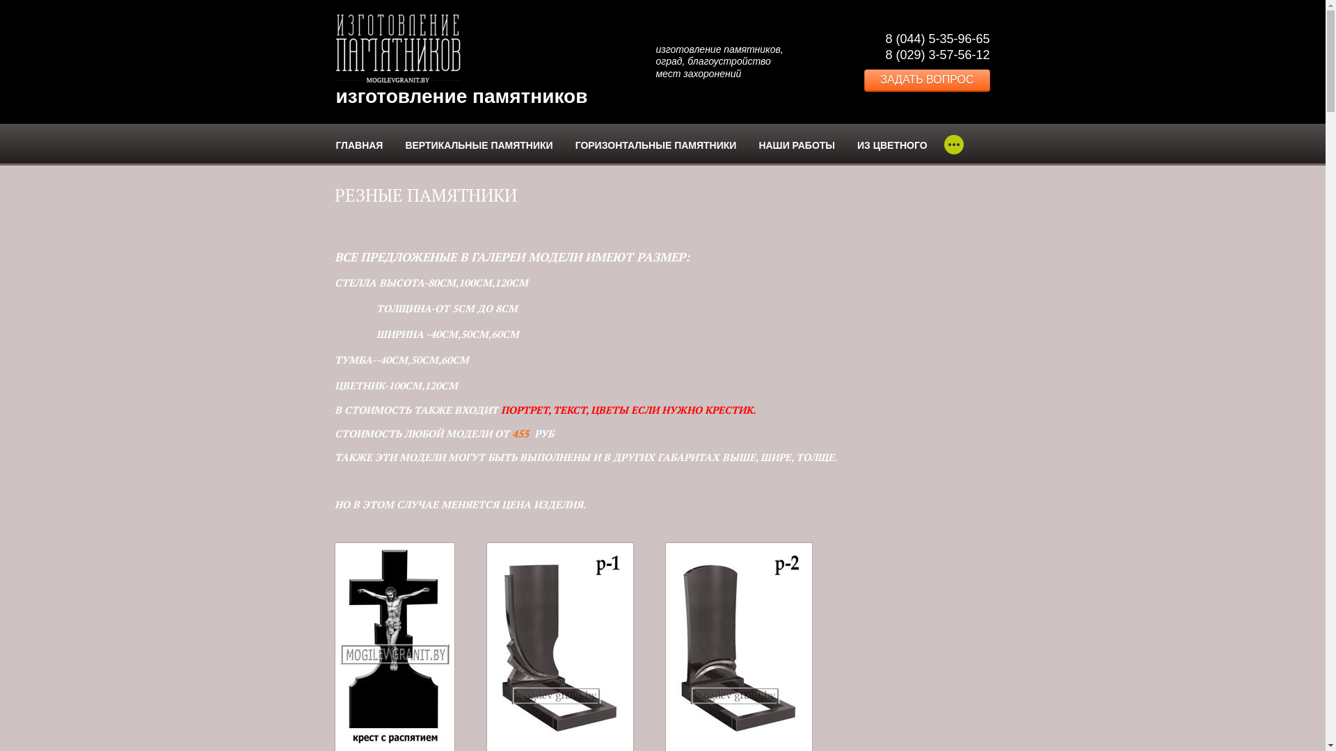 Image resolution: width=1336 pixels, height=751 pixels. I want to click on '8 (029) 3-57-56-12', so click(937, 54).